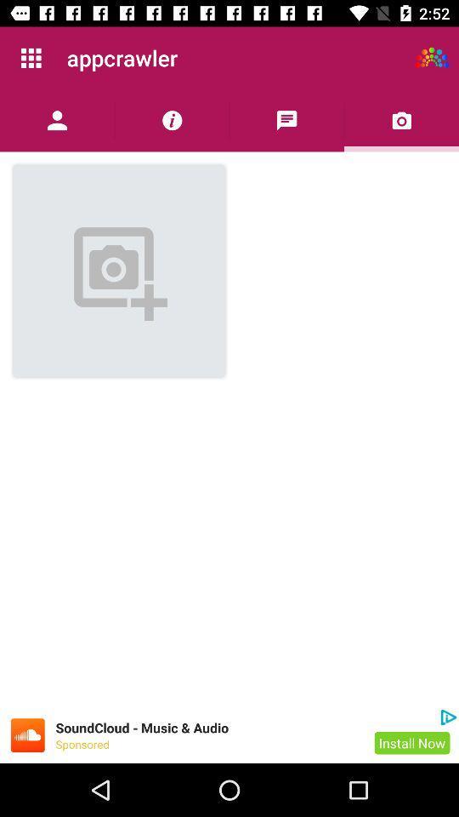 The height and width of the screenshot is (817, 459). What do you see at coordinates (172, 119) in the screenshot?
I see `show more information` at bounding box center [172, 119].